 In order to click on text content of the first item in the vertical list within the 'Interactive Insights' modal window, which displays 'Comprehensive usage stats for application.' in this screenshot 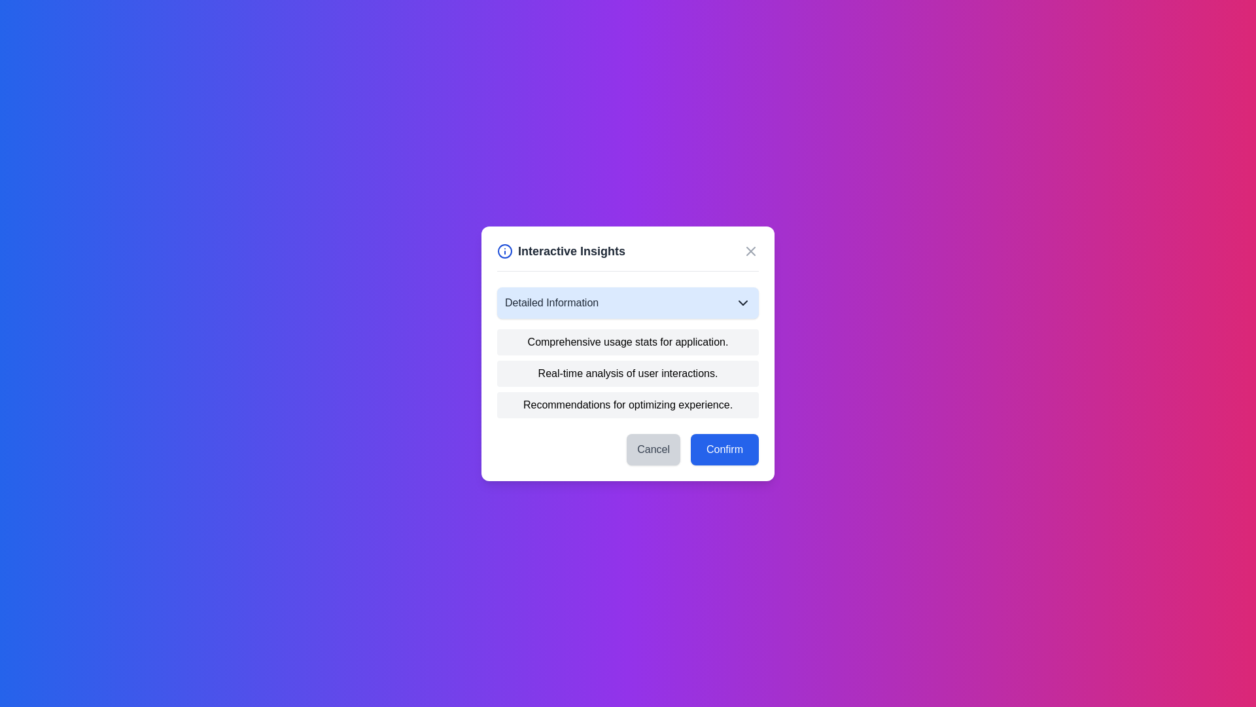, I will do `click(628, 341)`.